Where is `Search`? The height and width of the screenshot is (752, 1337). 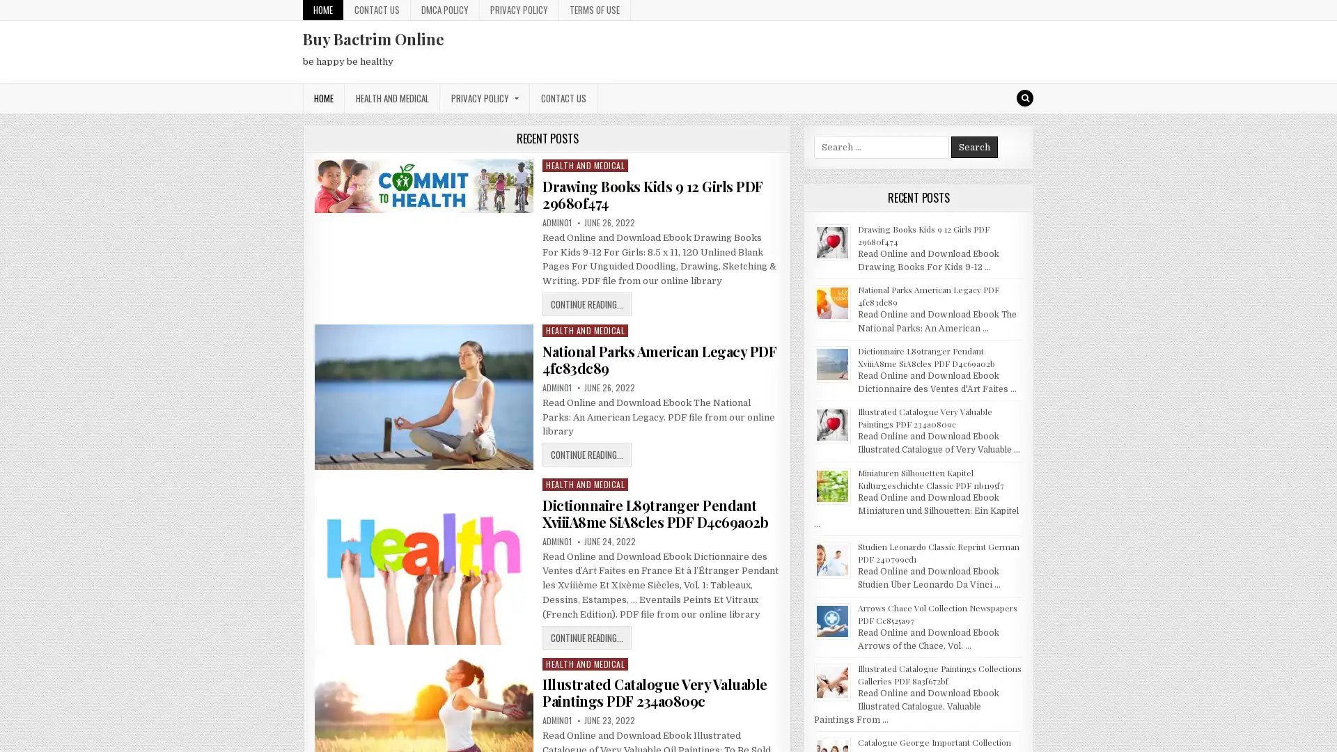 Search is located at coordinates (974, 147).